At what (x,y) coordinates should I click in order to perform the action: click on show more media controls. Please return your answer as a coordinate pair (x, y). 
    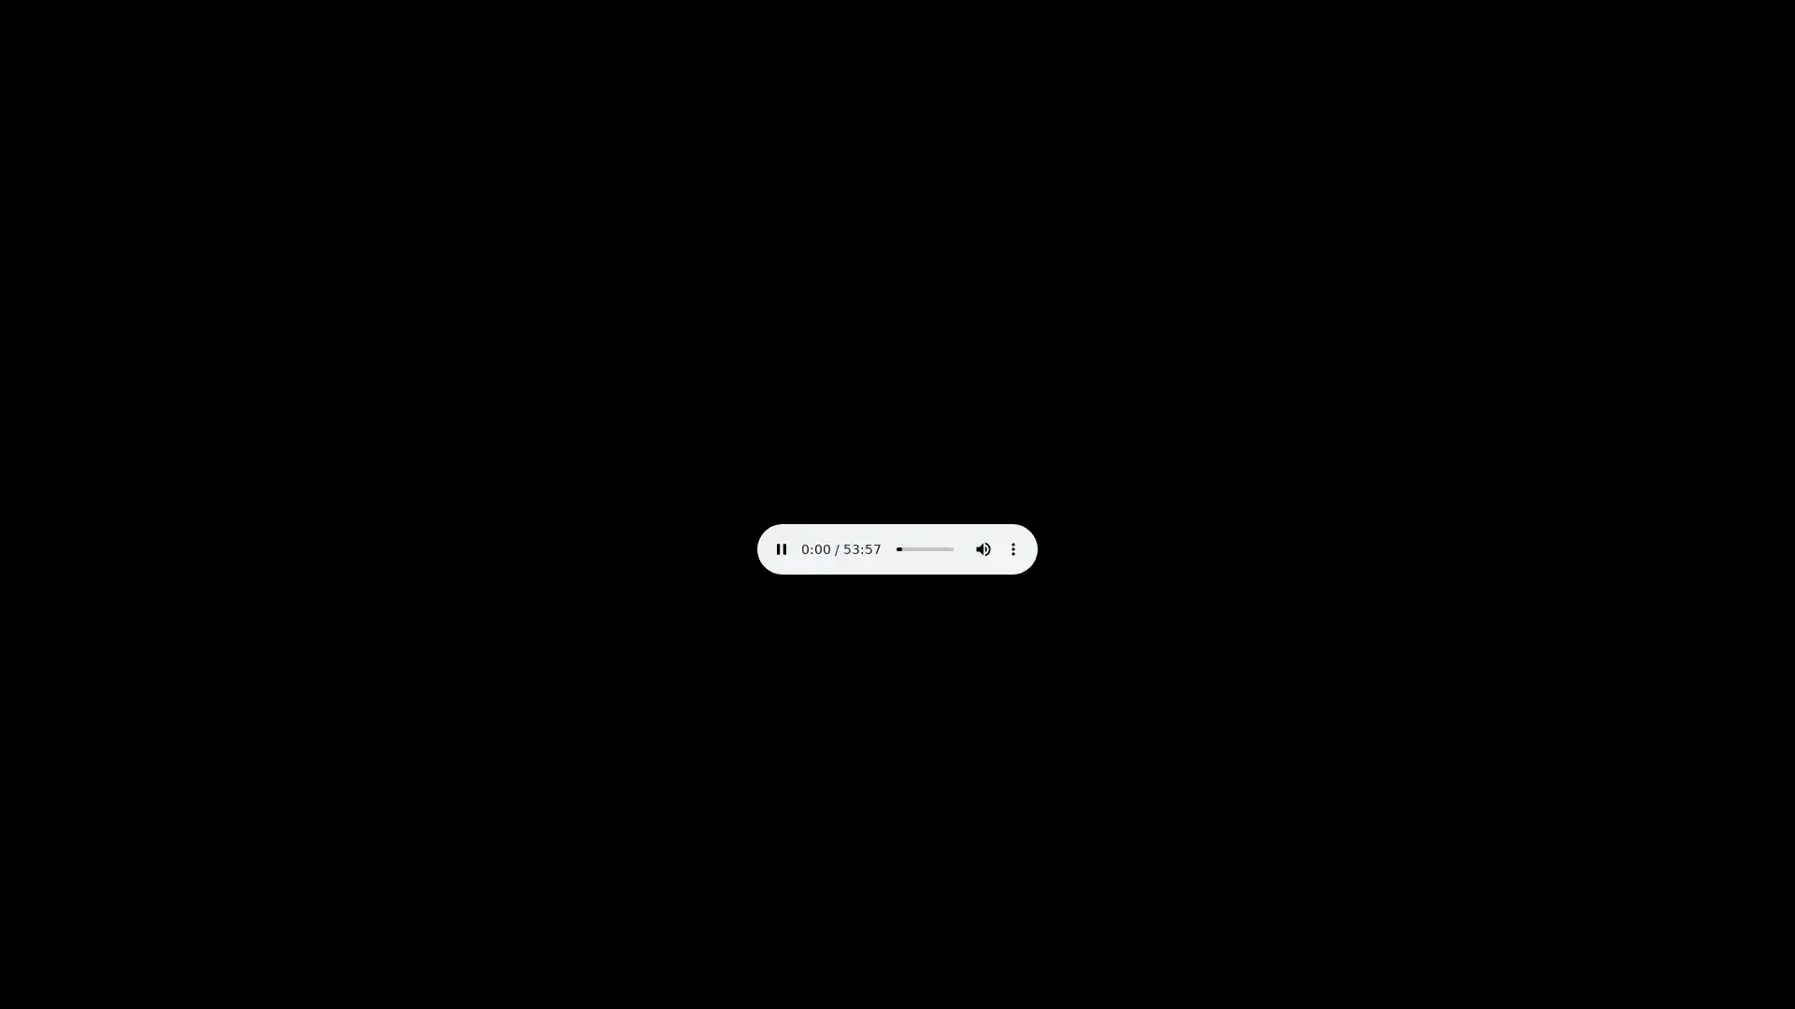
    Looking at the image, I should click on (1012, 547).